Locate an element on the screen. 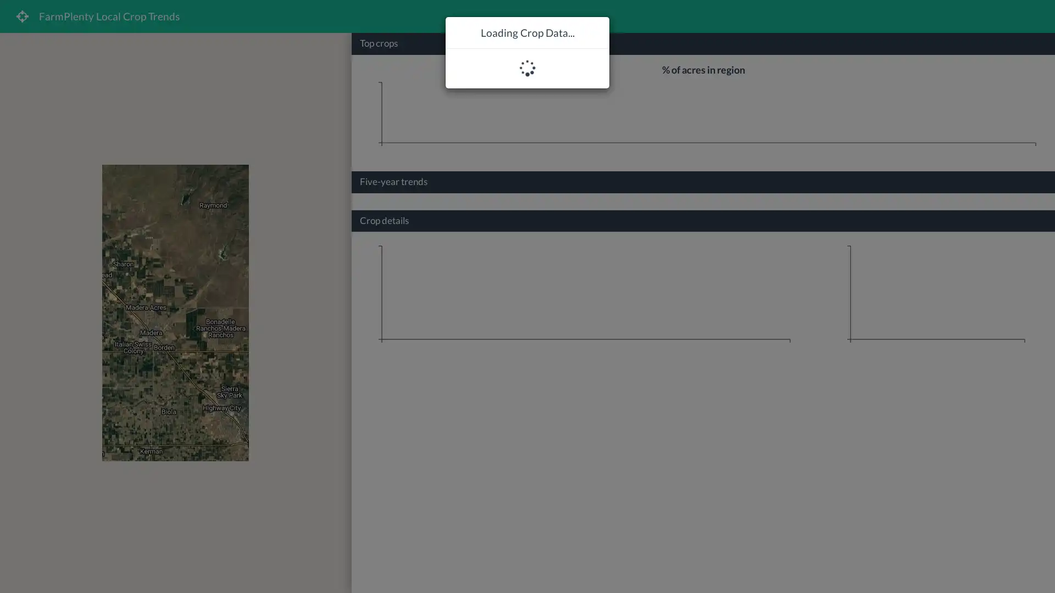 This screenshot has height=593, width=1055. Five-year trends is located at coordinates (393, 180).